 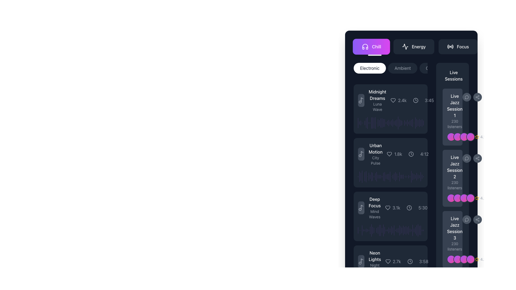 I want to click on the circular decorative icon located near the duration '5:30' of the song 'Deep Focus', which is styled with a light-colored stroke and has a hollow center, so click(x=409, y=208).